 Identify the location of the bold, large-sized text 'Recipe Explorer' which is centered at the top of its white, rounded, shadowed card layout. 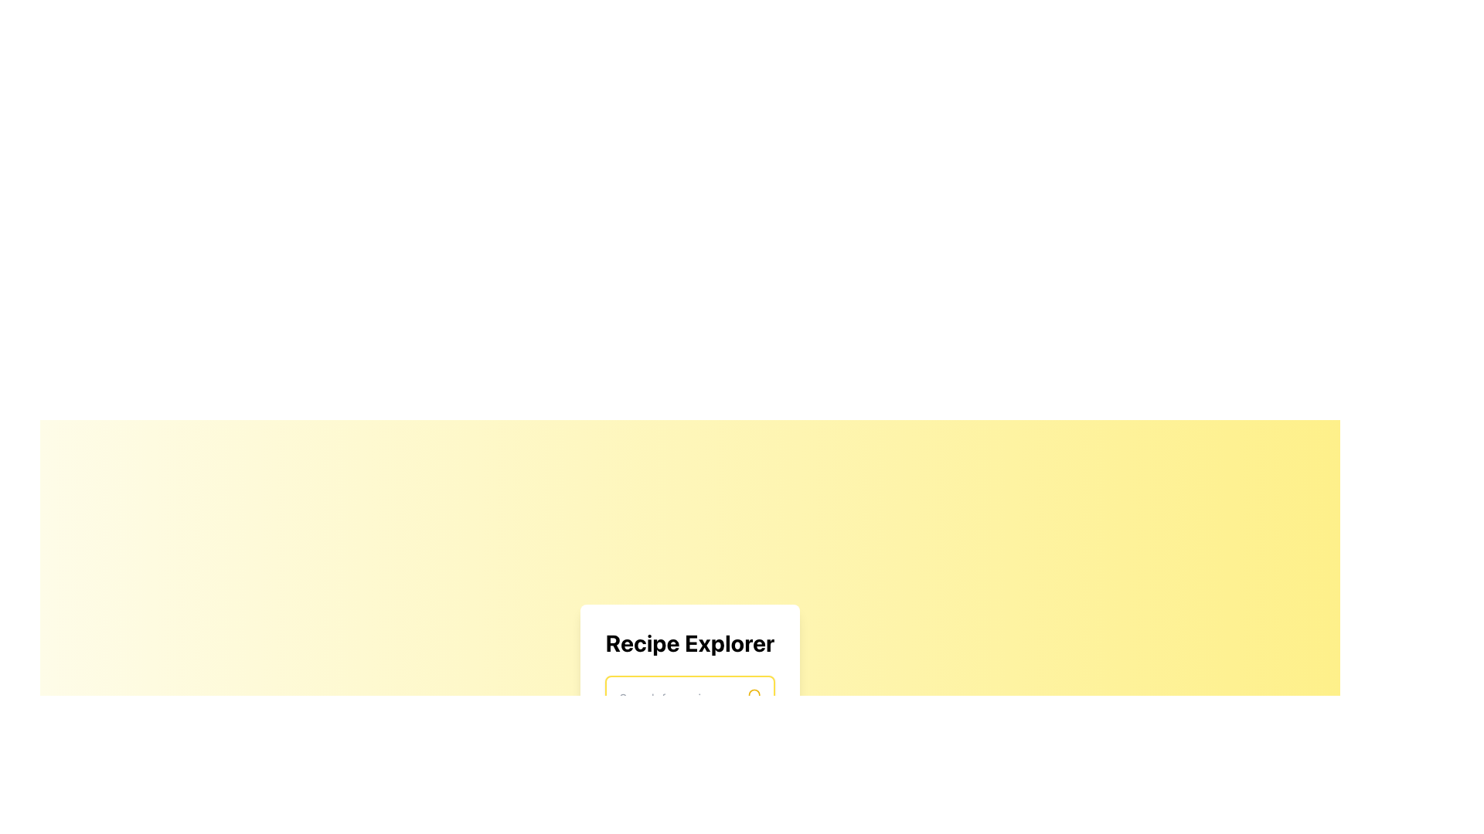
(689, 642).